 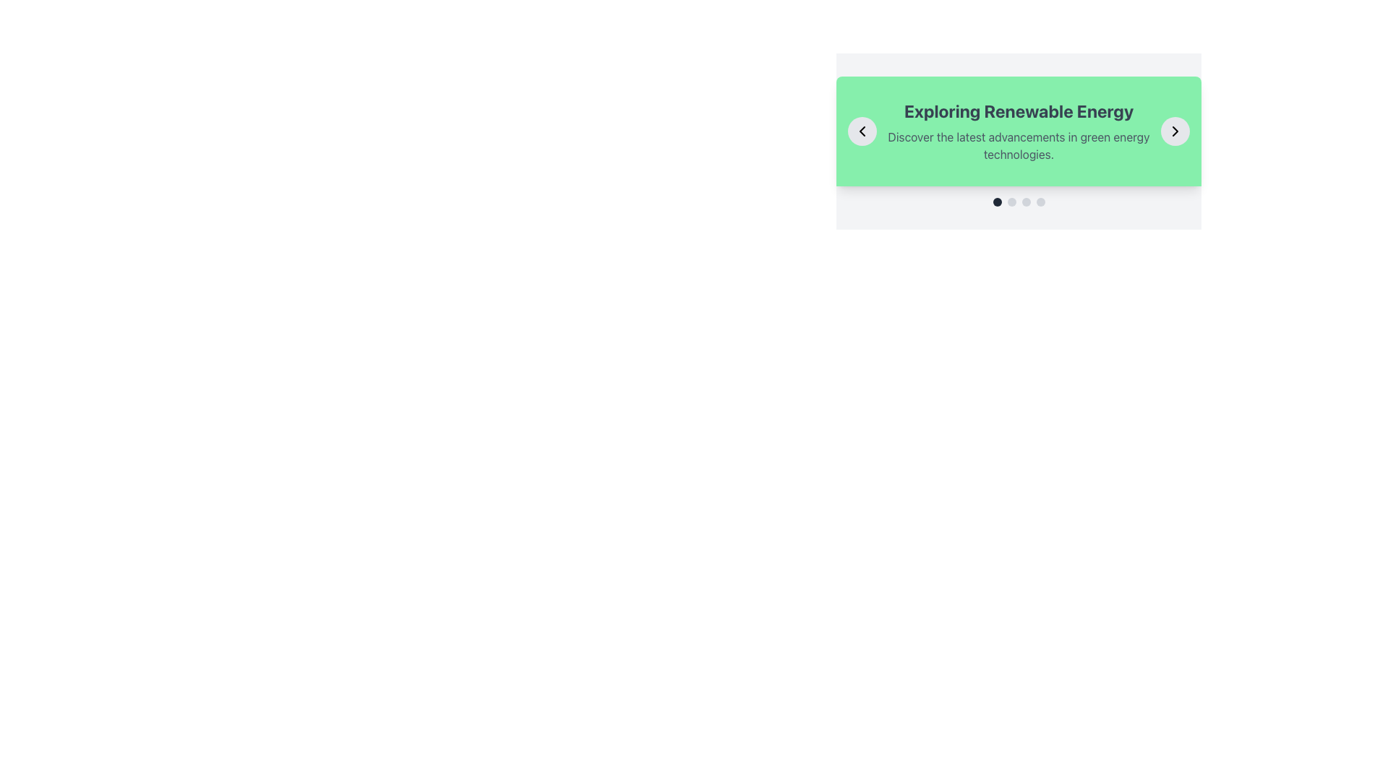 What do you see at coordinates (1175, 131) in the screenshot?
I see `the small triangular-shaped right-pointing arrow icon within the rightmost interactive button of the carousel` at bounding box center [1175, 131].